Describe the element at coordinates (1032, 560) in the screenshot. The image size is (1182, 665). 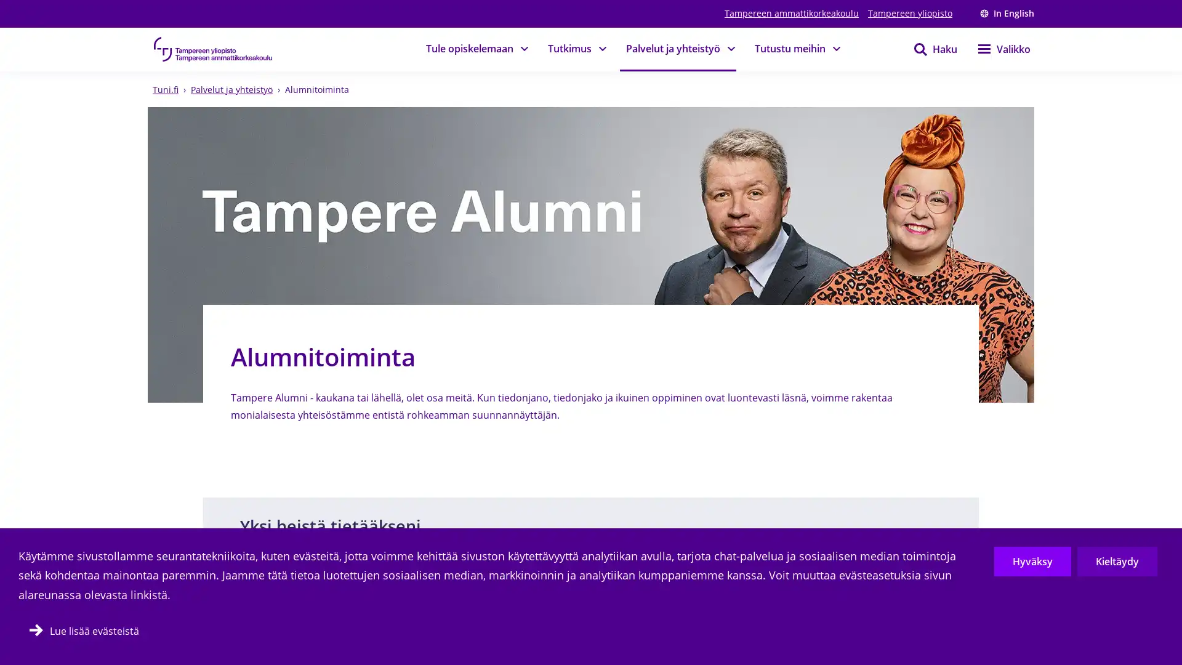
I see `Hyvaksy` at that location.